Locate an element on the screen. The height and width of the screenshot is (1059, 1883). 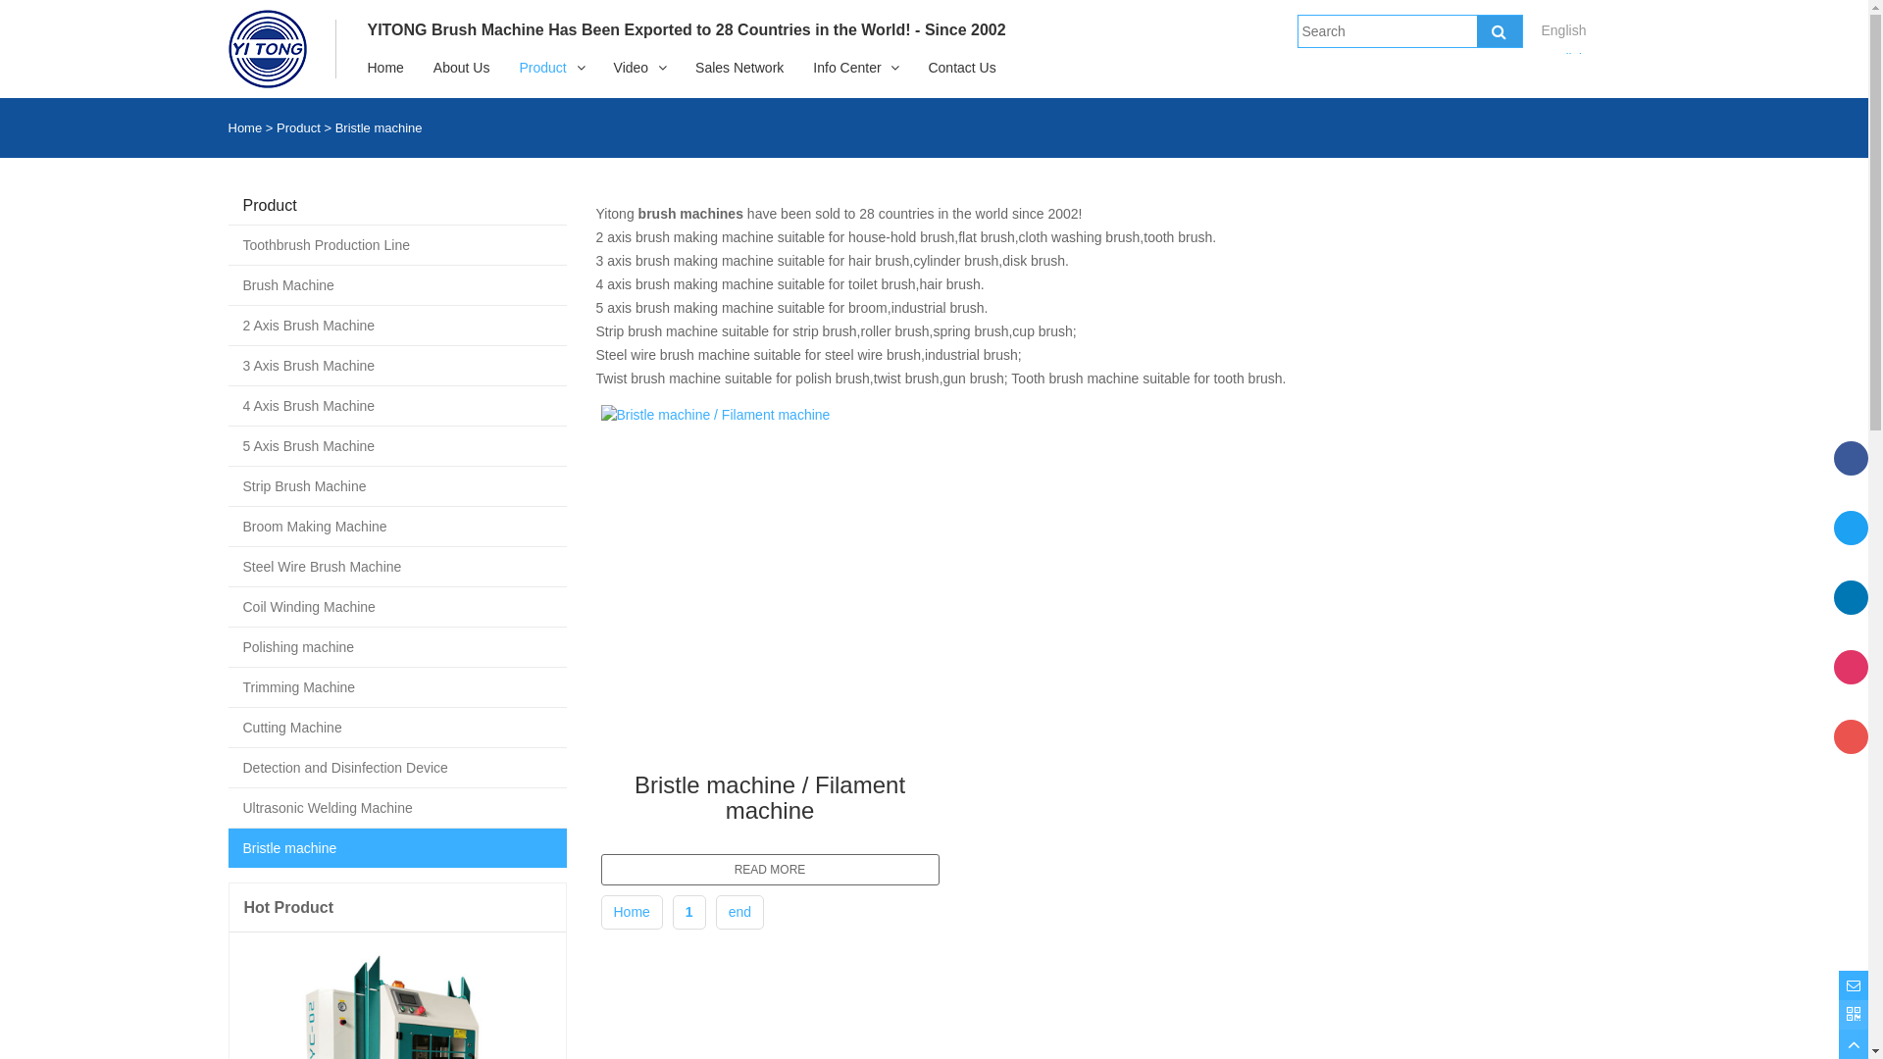
'Video' is located at coordinates (631, 67).